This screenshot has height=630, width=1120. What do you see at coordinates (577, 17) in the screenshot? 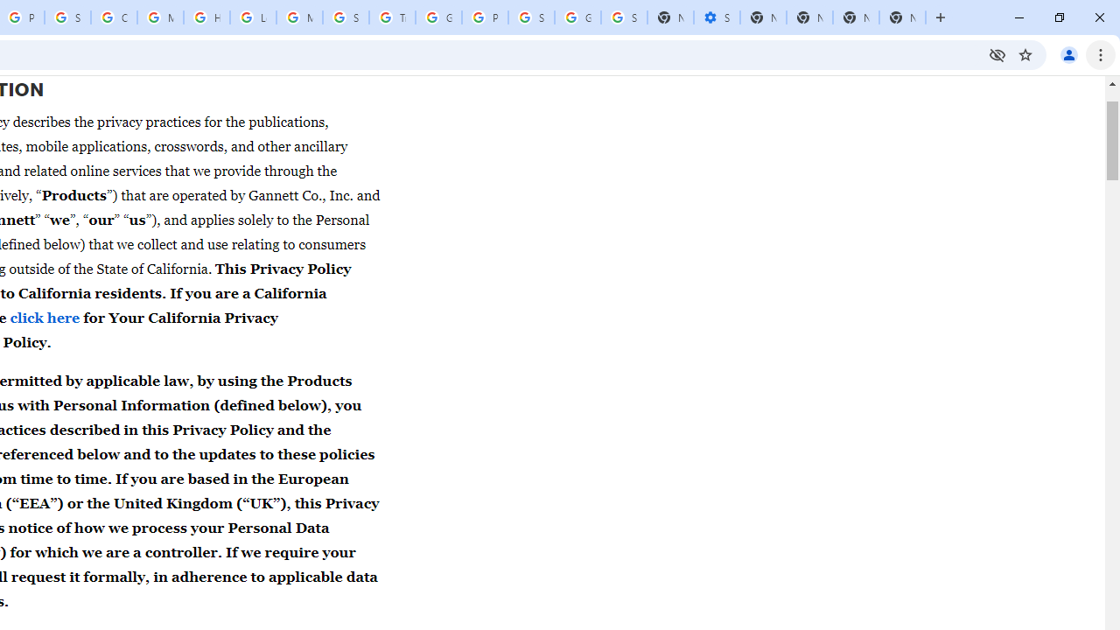
I see `'Google Cybersecurity Innovations - Google Safety Center'` at bounding box center [577, 17].